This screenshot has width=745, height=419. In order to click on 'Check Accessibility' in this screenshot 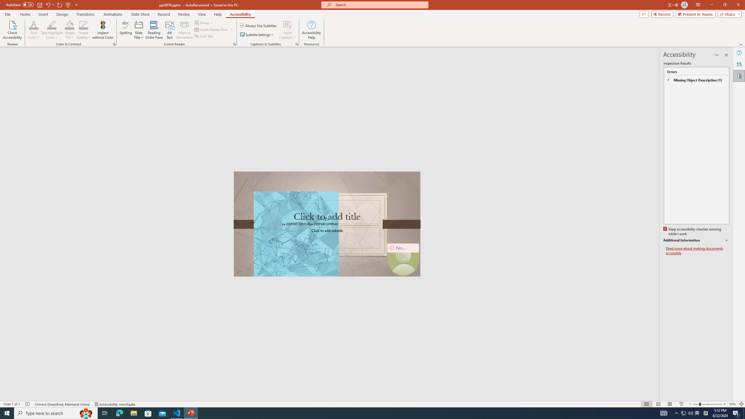, I will do `click(12, 30)`.